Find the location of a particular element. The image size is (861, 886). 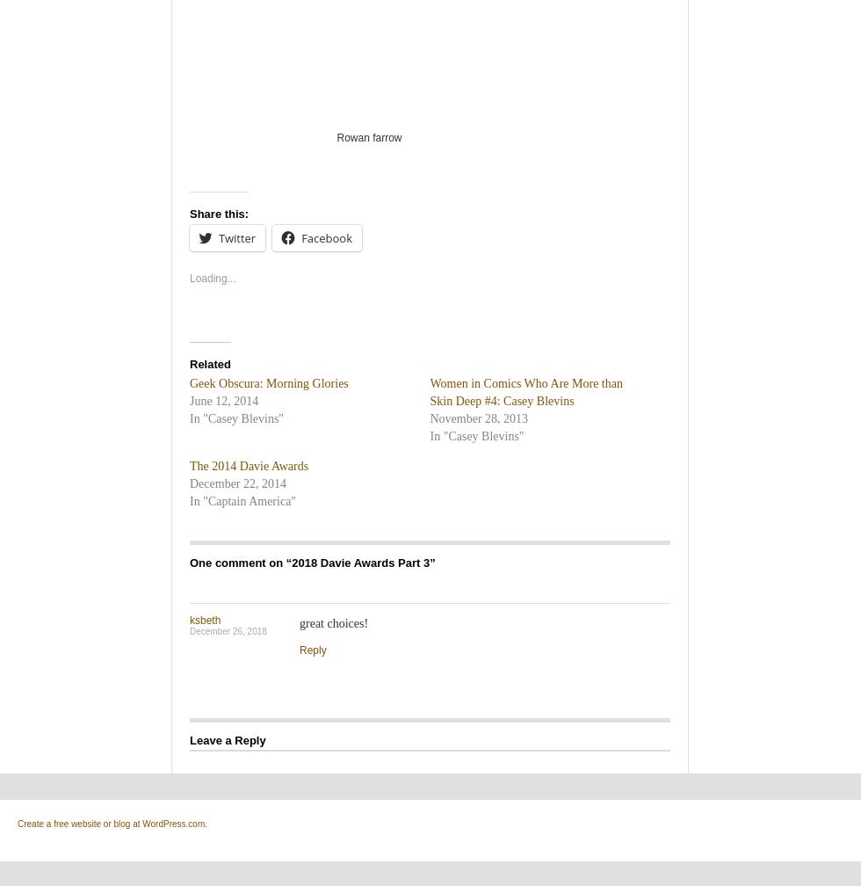

'Twitter' is located at coordinates (236, 237).